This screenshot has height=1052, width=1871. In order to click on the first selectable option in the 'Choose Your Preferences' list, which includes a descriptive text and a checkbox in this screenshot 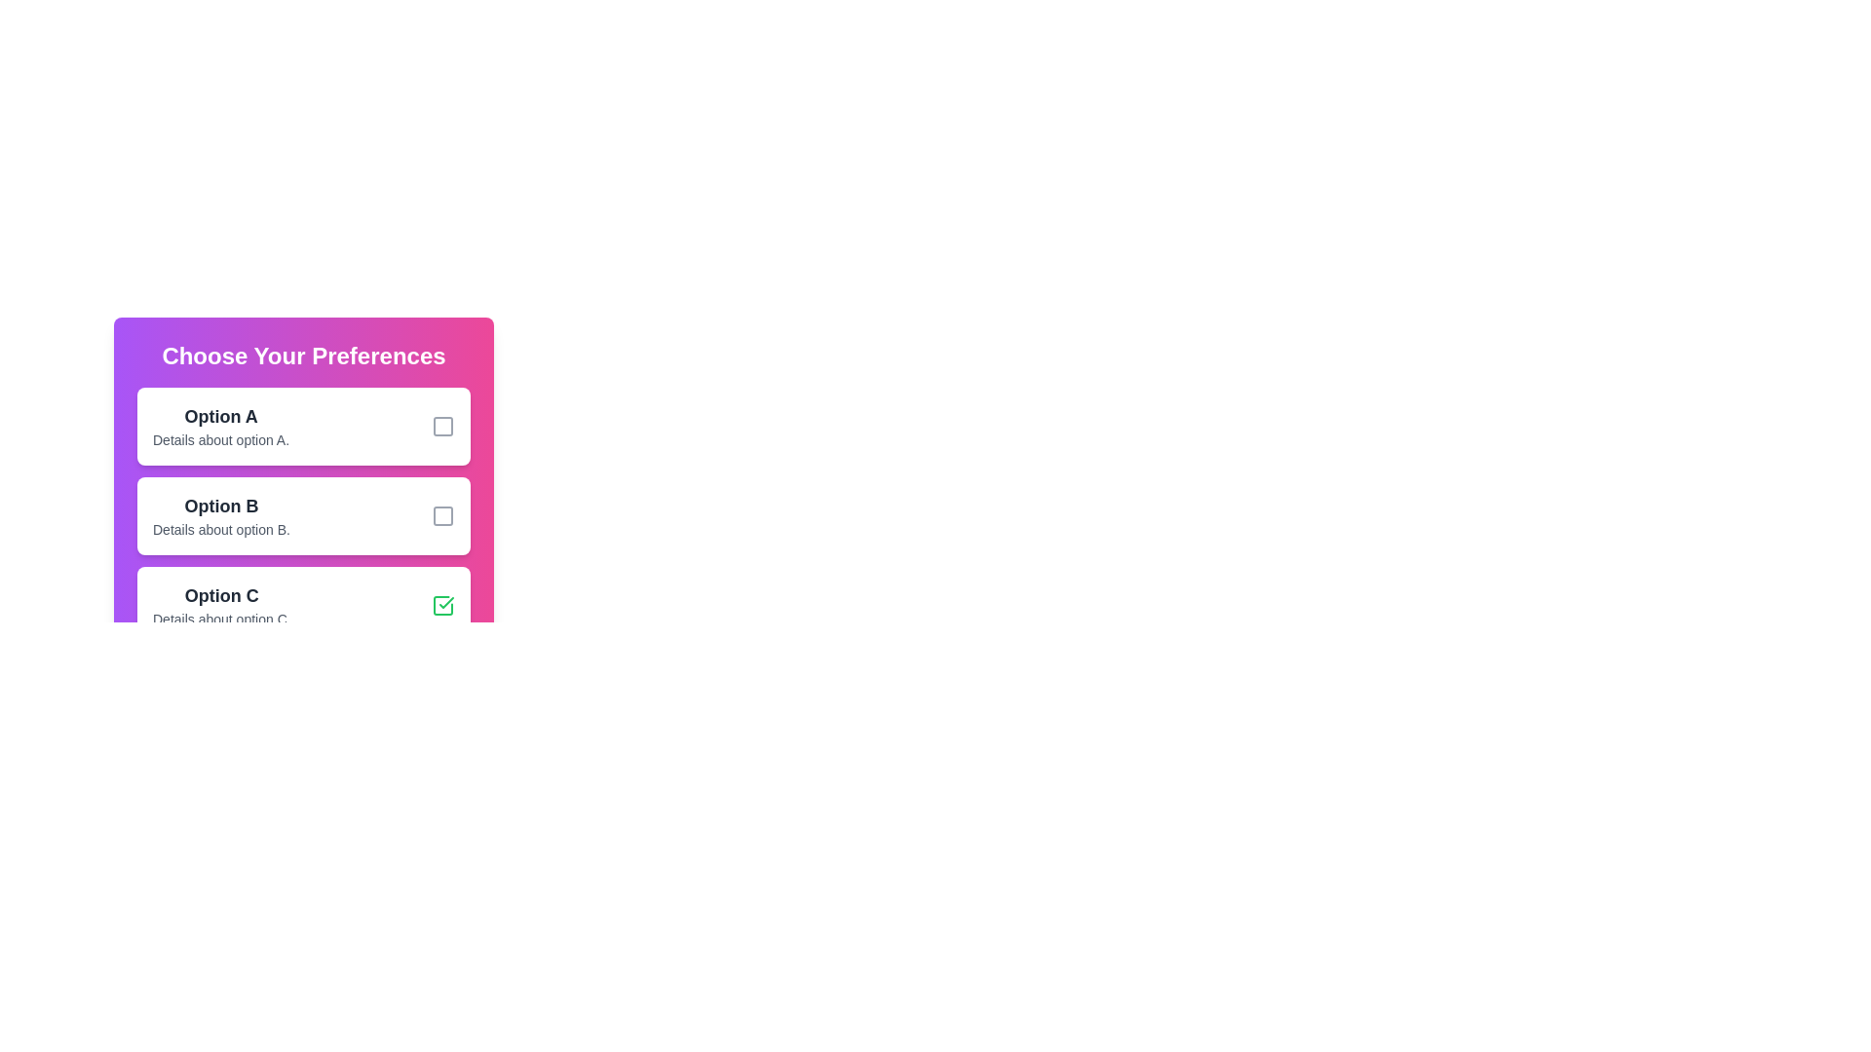, I will do `click(221, 426)`.